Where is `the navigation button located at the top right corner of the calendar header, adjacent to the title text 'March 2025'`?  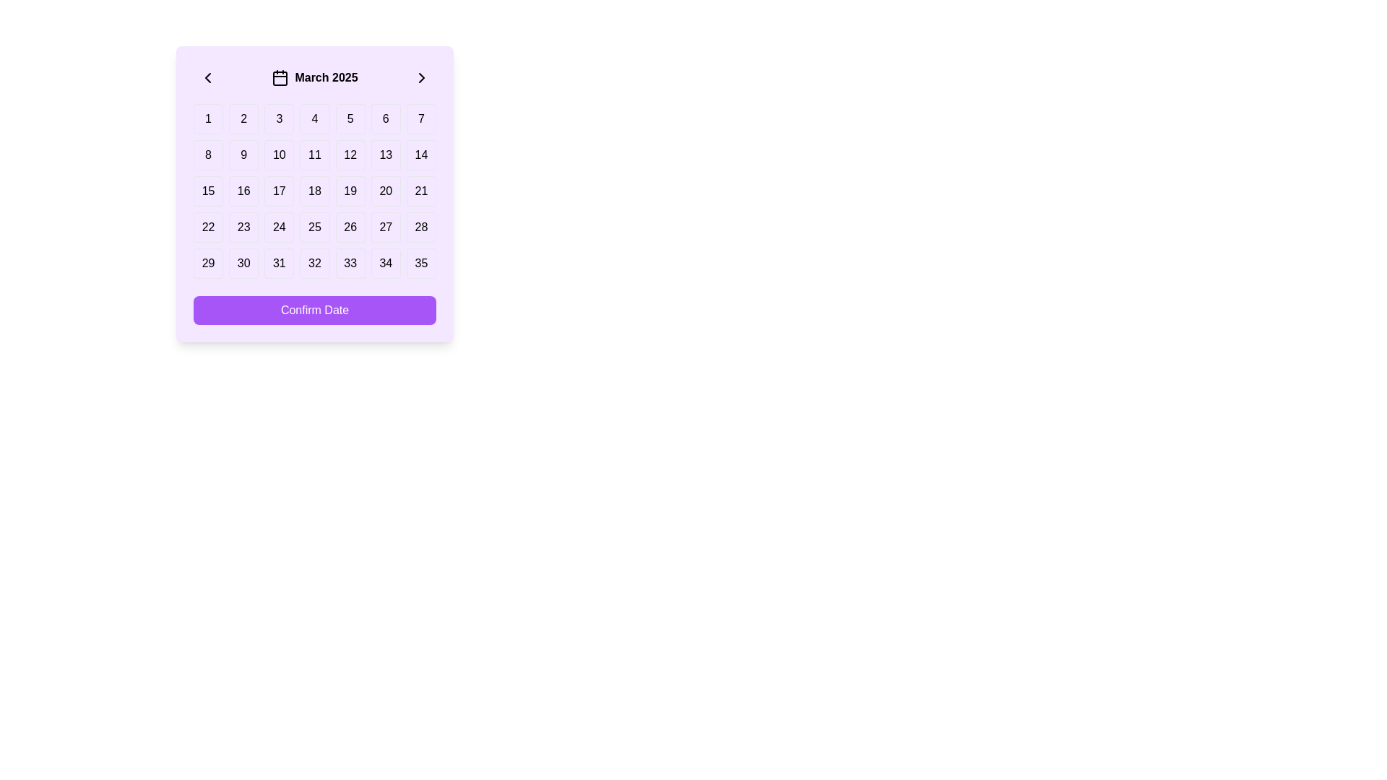
the navigation button located at the top right corner of the calendar header, adjacent to the title text 'March 2025' is located at coordinates (421, 78).